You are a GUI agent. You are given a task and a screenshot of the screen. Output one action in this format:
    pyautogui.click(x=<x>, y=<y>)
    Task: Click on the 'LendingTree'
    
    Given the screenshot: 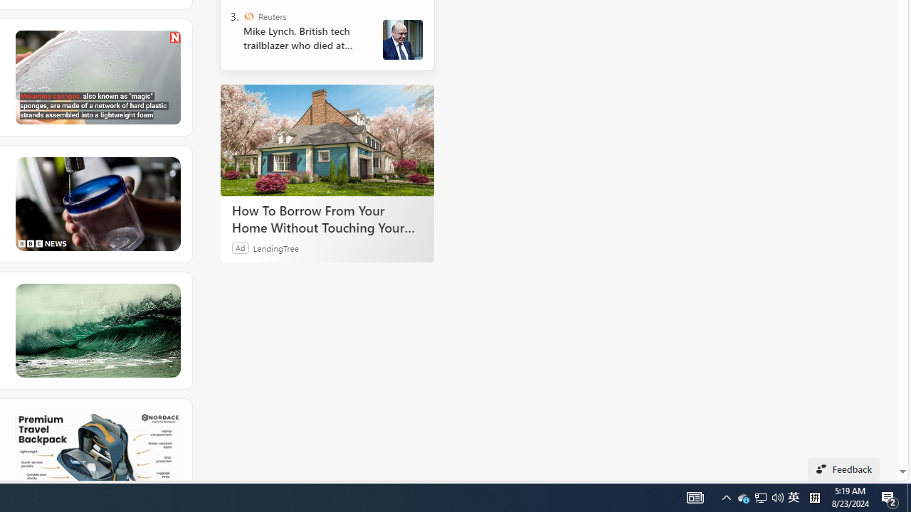 What is the action you would take?
    pyautogui.click(x=275, y=247)
    